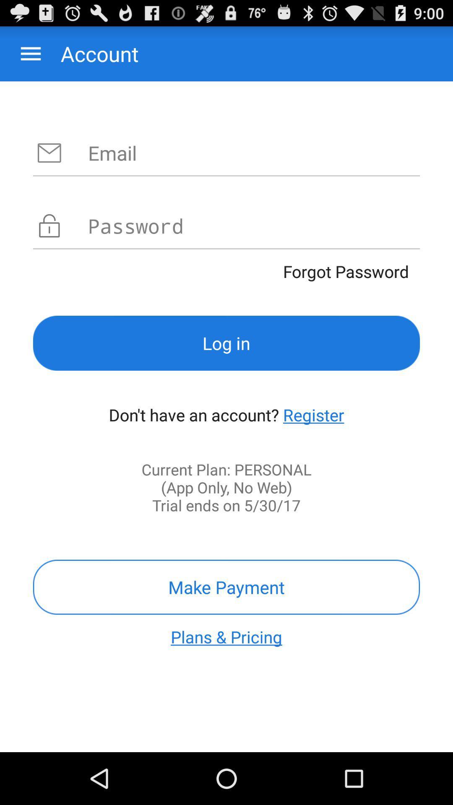  I want to click on the item above the current plan personal icon, so click(313, 415).